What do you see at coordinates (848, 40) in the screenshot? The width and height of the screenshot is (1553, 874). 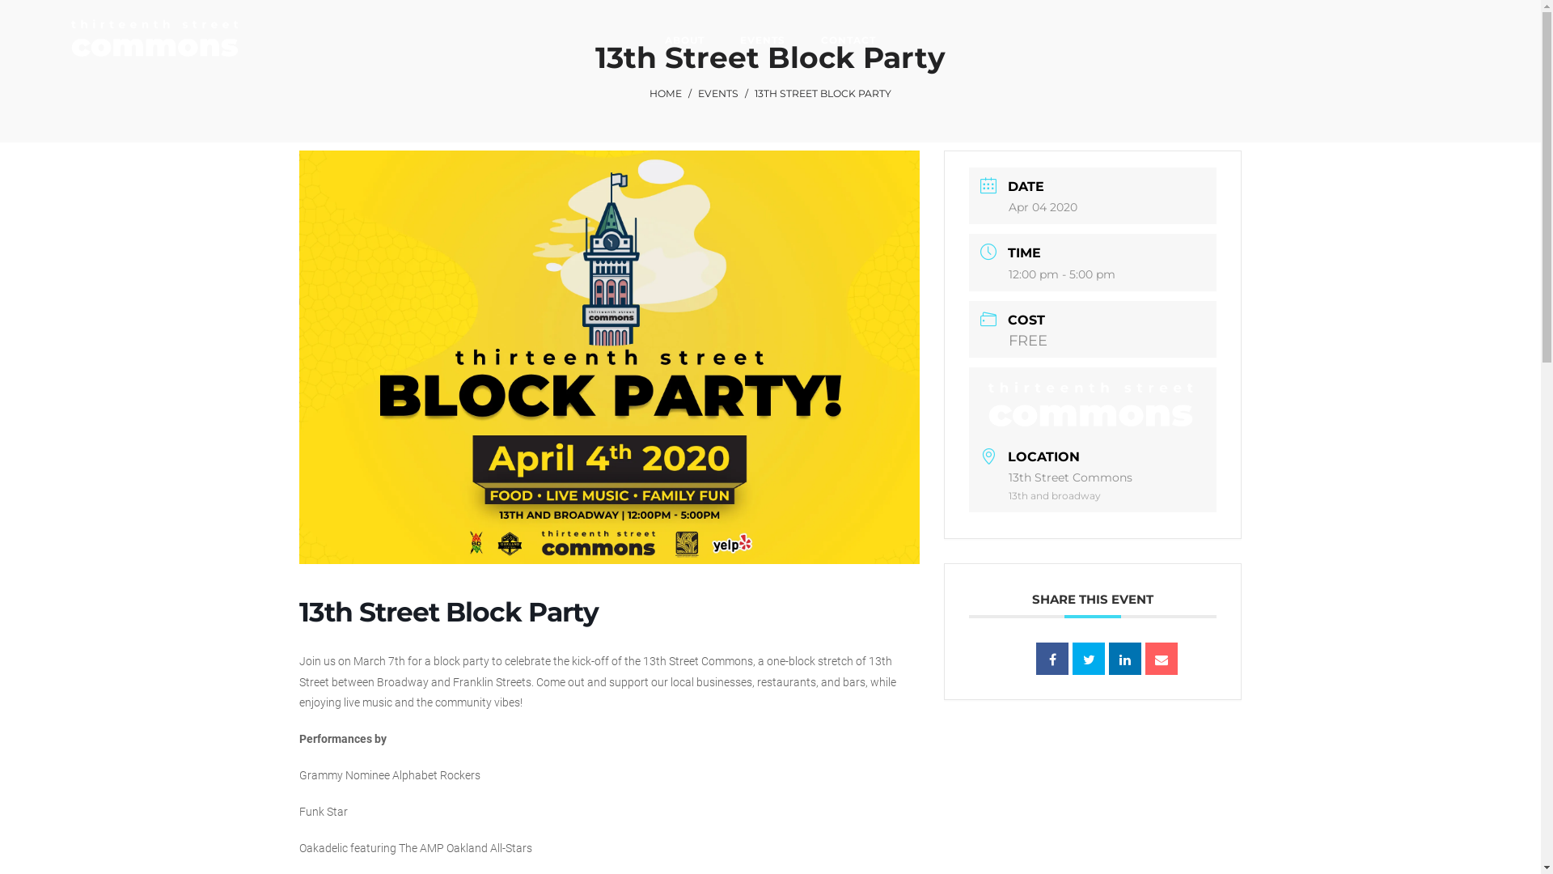 I see `'CONTACT'` at bounding box center [848, 40].